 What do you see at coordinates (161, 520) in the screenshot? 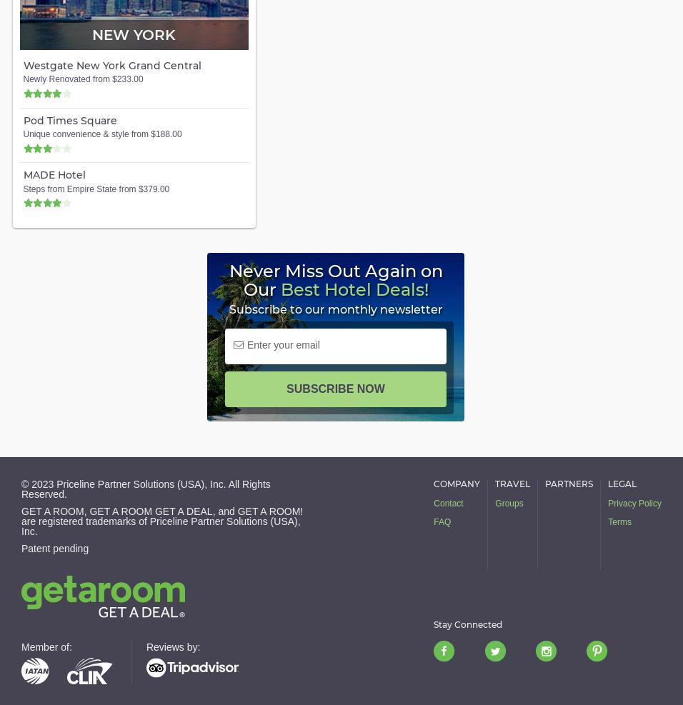
I see `'GET A ROOM, GET A ROOM GET A DEAL, and GET A ROOM! are registered trademarks of Priceline Partner Solutions (USA), Inc.'` at bounding box center [161, 520].